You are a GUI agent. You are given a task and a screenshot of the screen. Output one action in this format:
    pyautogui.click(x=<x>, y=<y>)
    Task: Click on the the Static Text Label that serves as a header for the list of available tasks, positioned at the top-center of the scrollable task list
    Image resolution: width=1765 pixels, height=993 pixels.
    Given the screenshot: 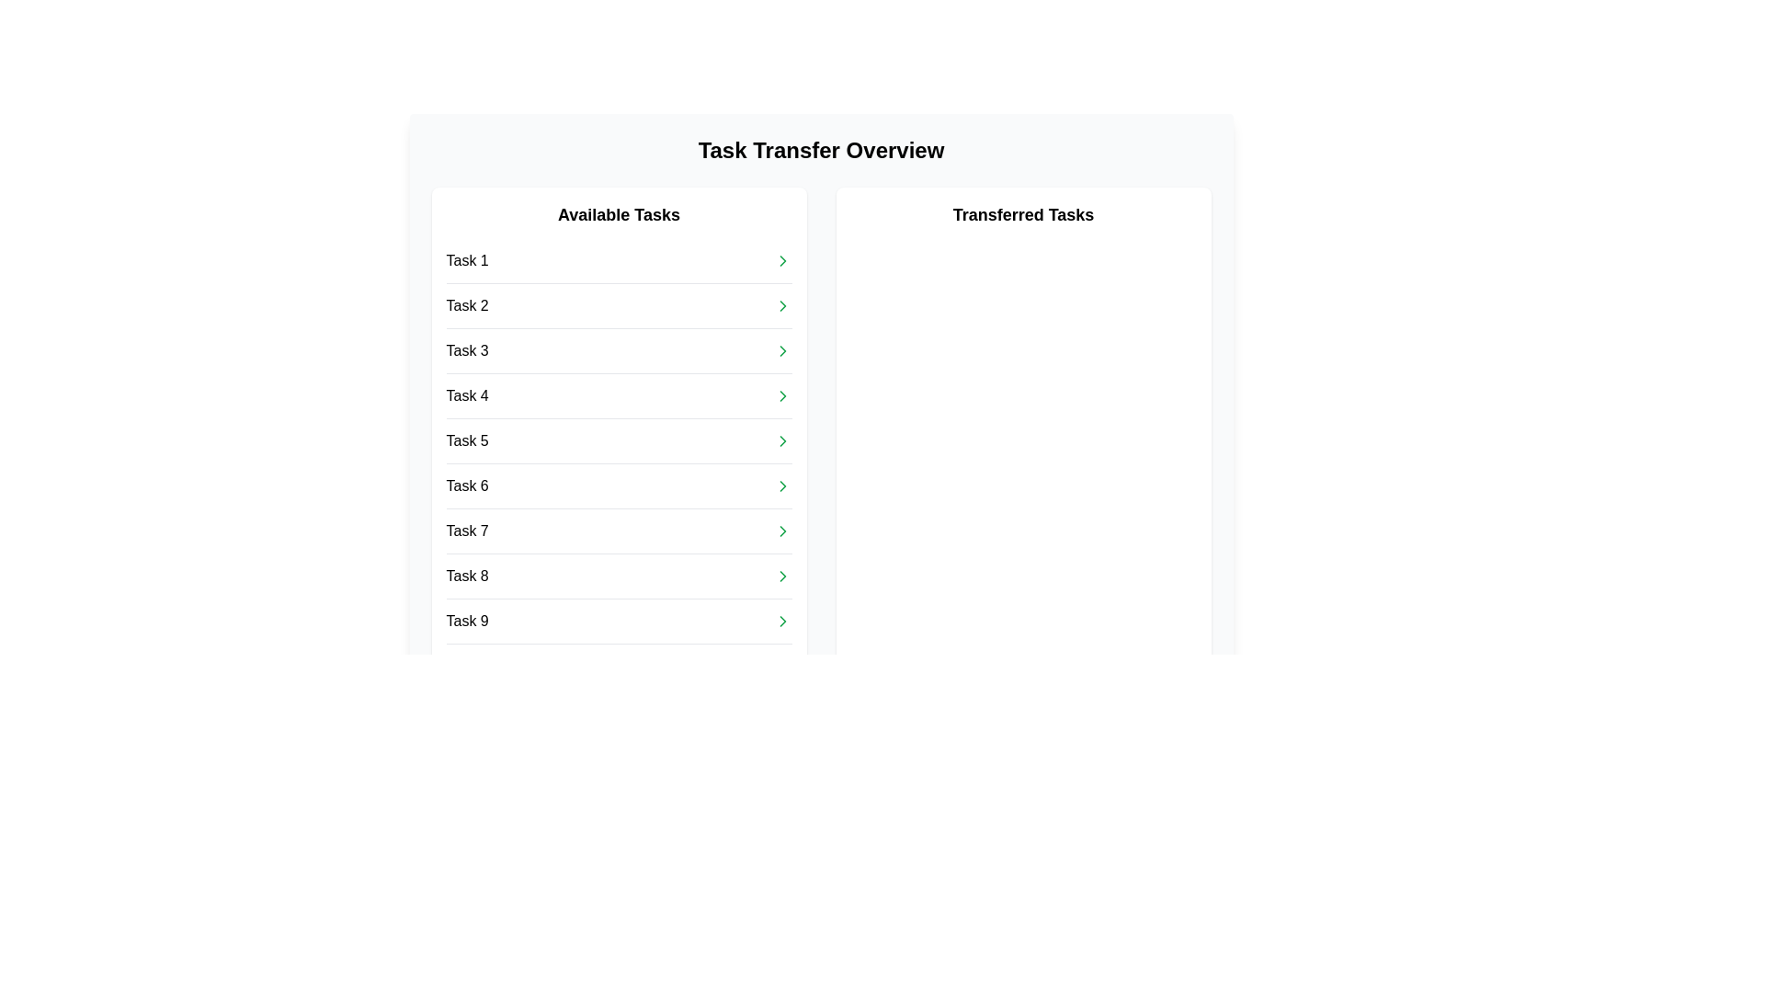 What is the action you would take?
    pyautogui.click(x=619, y=214)
    